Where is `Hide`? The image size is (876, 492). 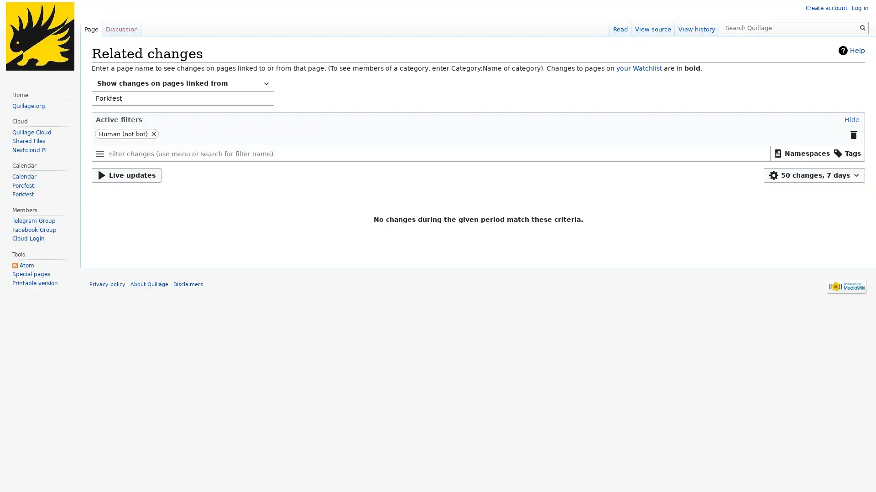
Hide is located at coordinates (851, 119).